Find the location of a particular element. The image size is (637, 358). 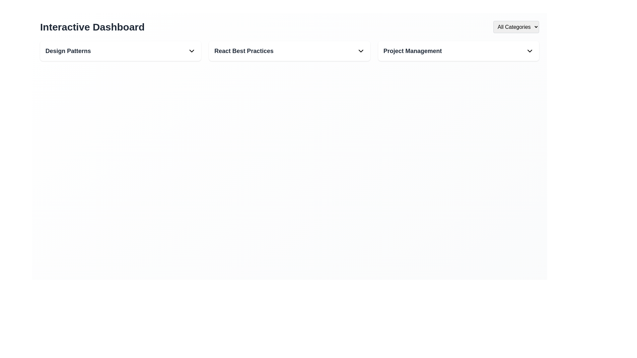

the dropdown menu trigger for 'Project Management' located in the upper-right section of the page is located at coordinates (458, 51).